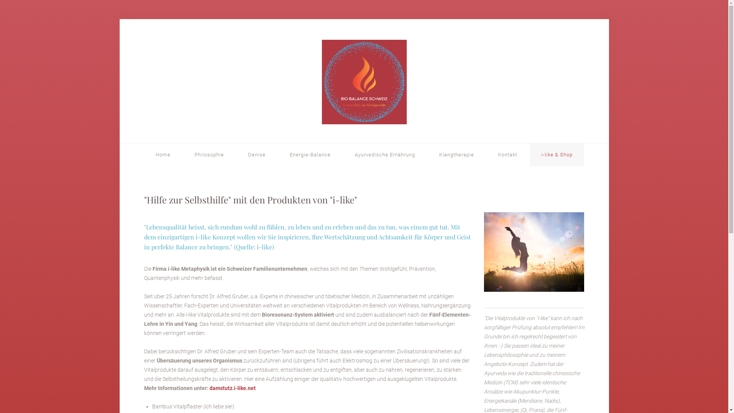  What do you see at coordinates (209, 388) in the screenshot?
I see `'damstutz.i-like.net'` at bounding box center [209, 388].